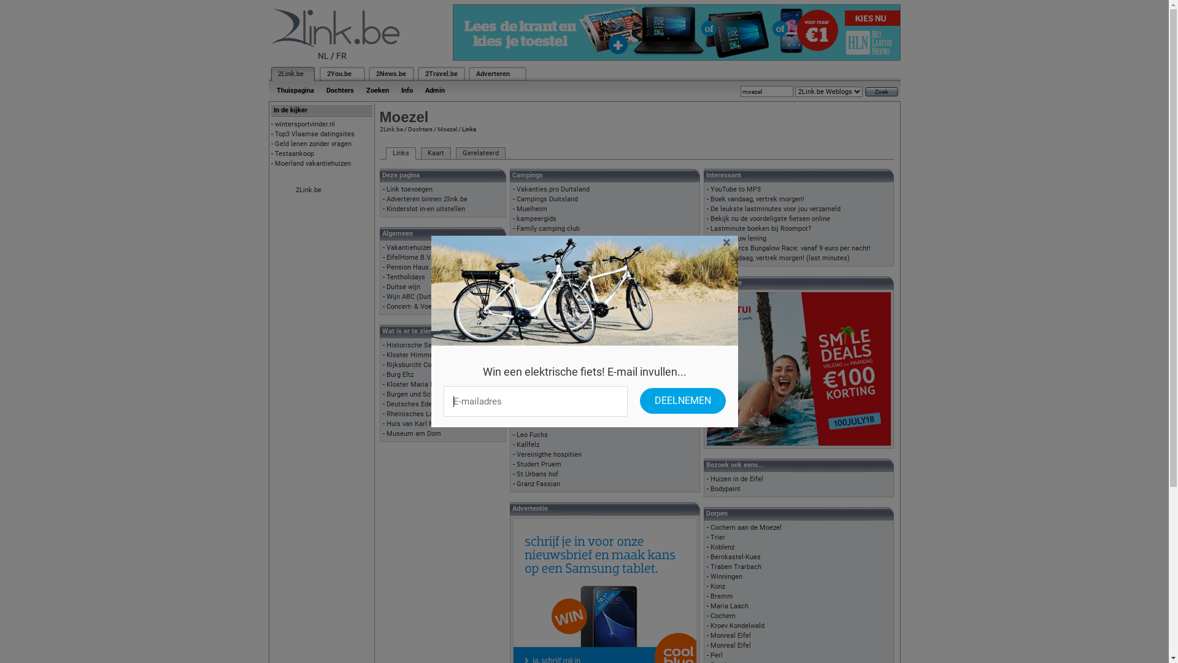  Describe the element at coordinates (446, 129) in the screenshot. I see `'Moezel'` at that location.